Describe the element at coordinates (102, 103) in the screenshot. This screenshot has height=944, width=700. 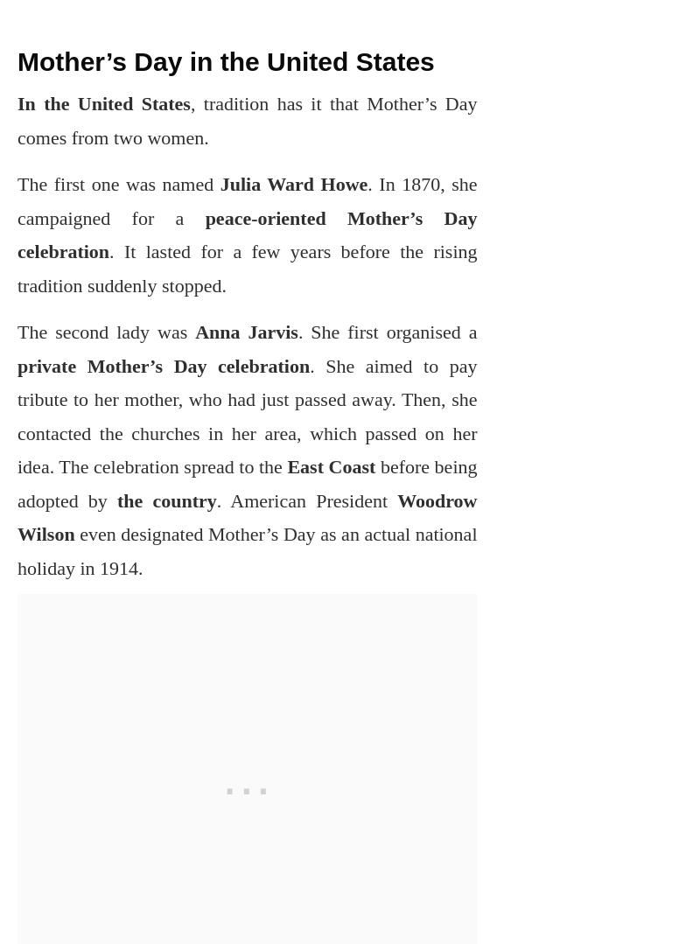
I see `'In the United States'` at that location.